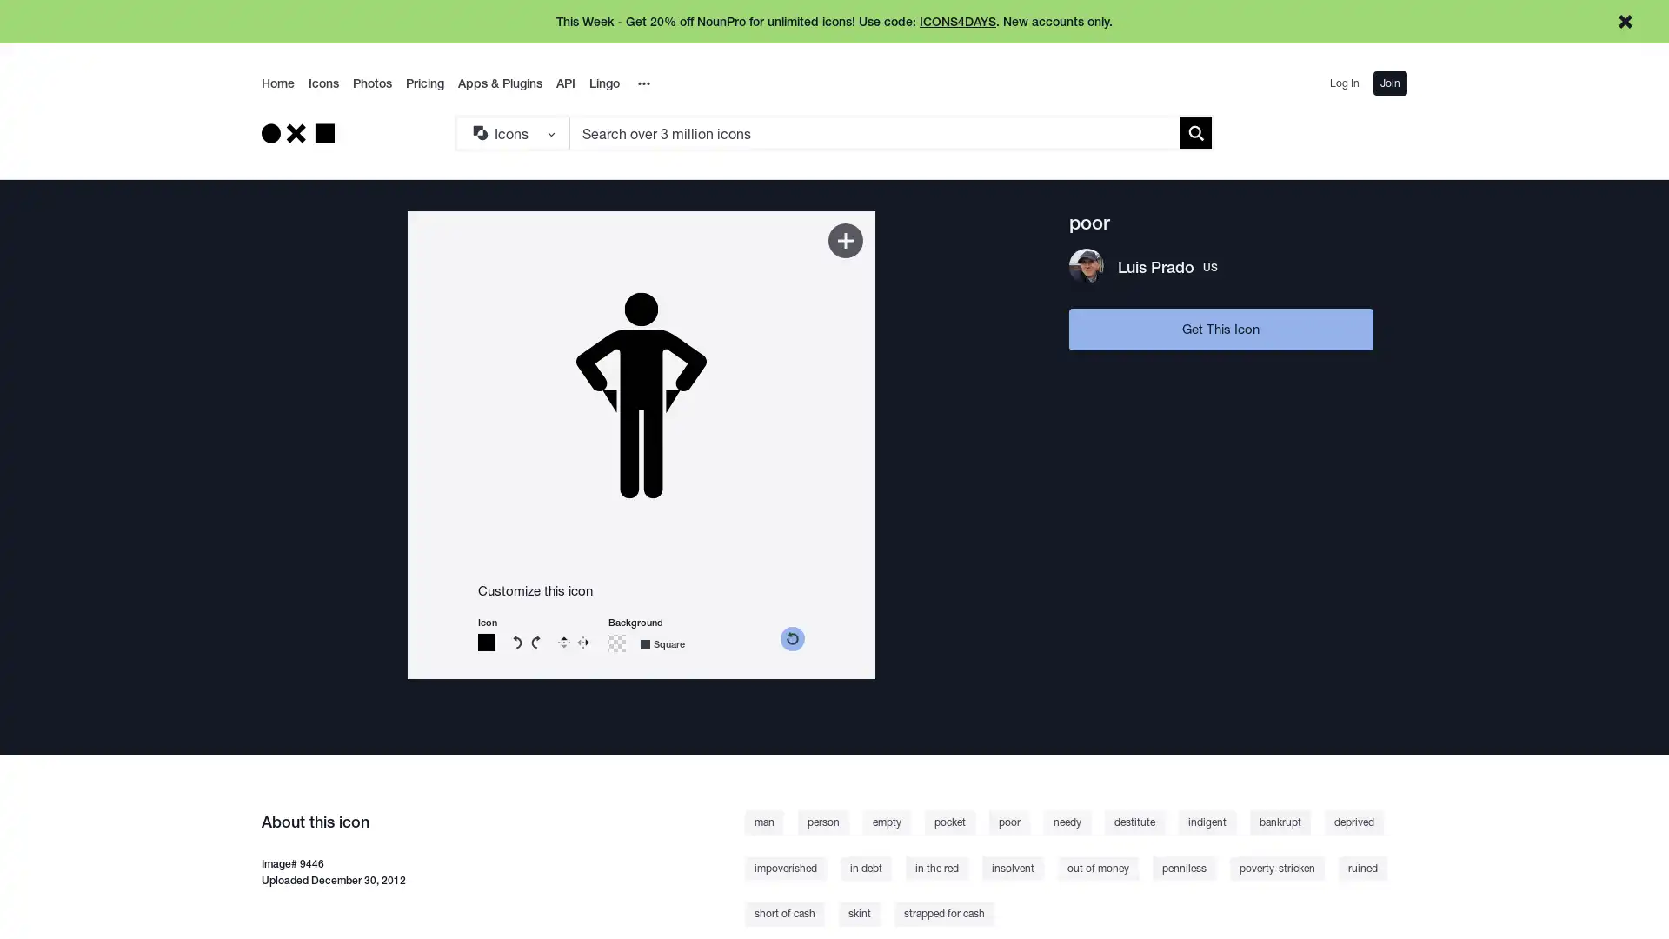 The height and width of the screenshot is (939, 1669). What do you see at coordinates (1389, 83) in the screenshot?
I see `Join` at bounding box center [1389, 83].